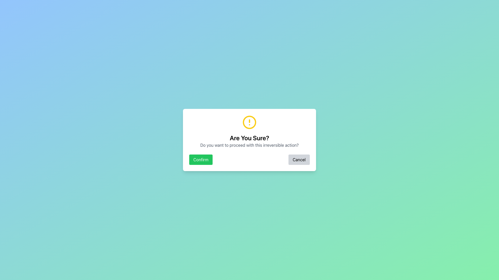 The image size is (499, 280). What do you see at coordinates (249, 122) in the screenshot?
I see `the innermost circle of the alert icon located at the top-center of the confirmation dialog` at bounding box center [249, 122].